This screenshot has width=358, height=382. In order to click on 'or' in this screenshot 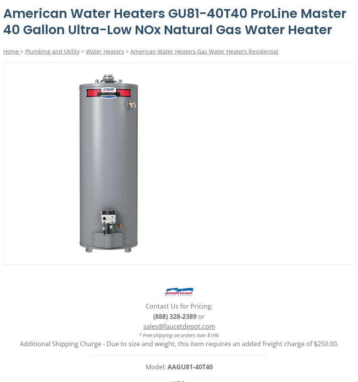, I will do `click(200, 315)`.